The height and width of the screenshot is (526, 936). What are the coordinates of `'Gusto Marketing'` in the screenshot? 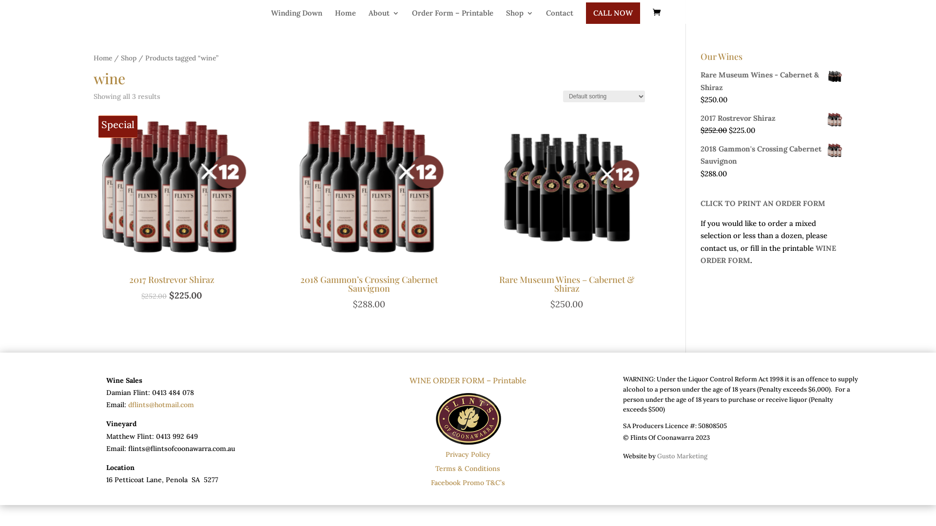 It's located at (682, 456).